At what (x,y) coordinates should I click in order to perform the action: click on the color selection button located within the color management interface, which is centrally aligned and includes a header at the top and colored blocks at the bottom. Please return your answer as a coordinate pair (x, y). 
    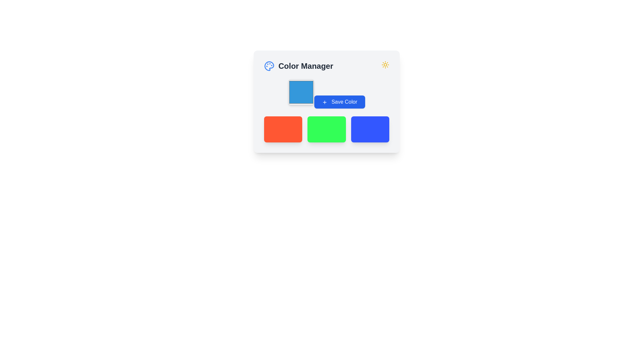
    Looking at the image, I should click on (327, 102).